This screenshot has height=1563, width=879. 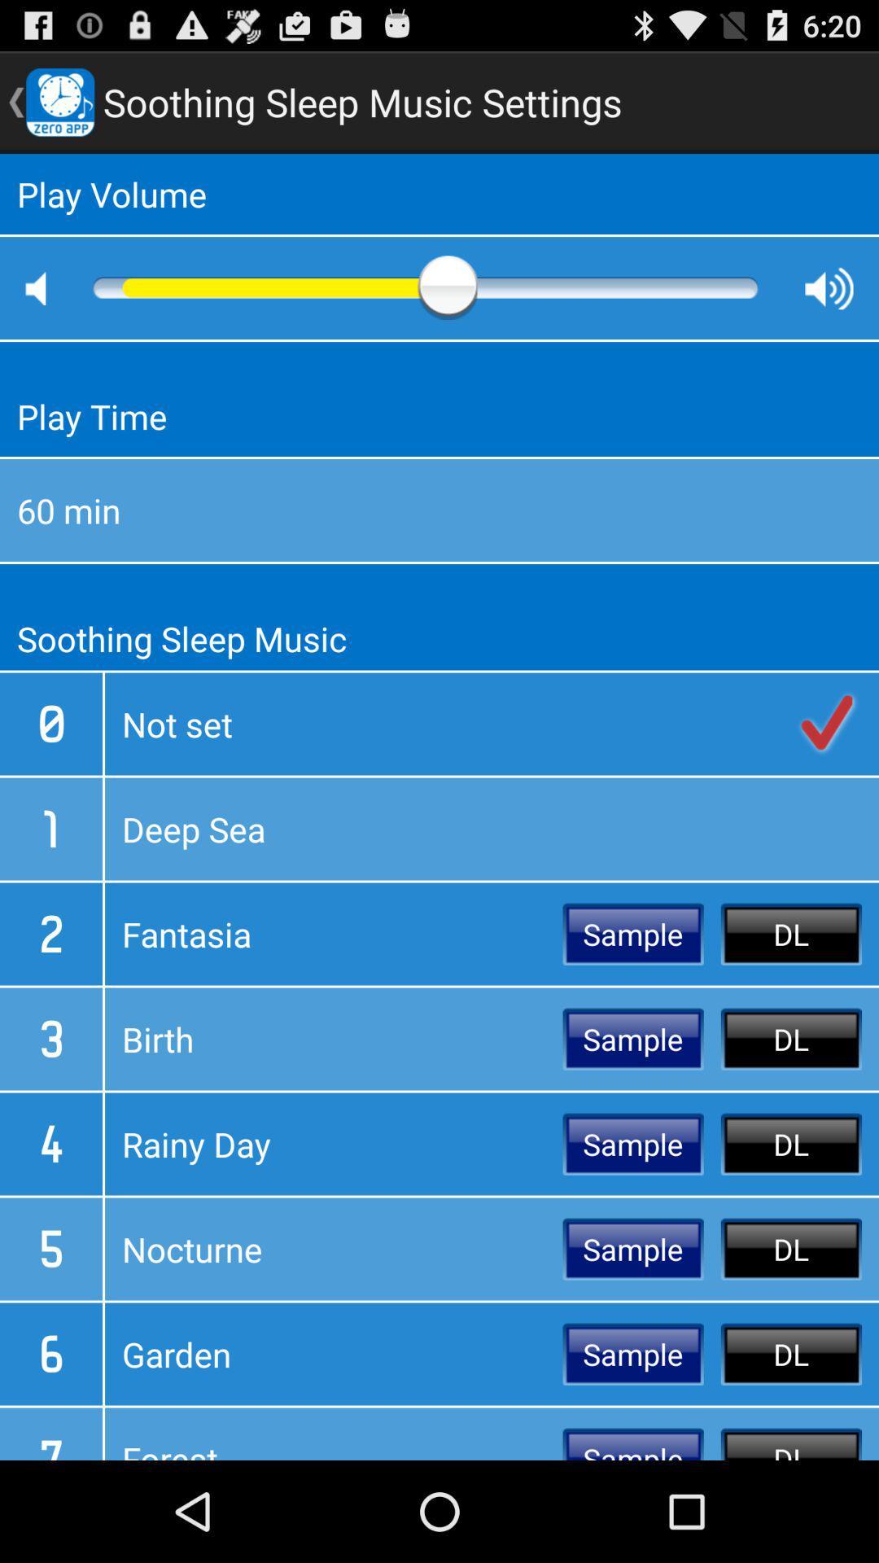 What do you see at coordinates (50, 829) in the screenshot?
I see `the 1` at bounding box center [50, 829].